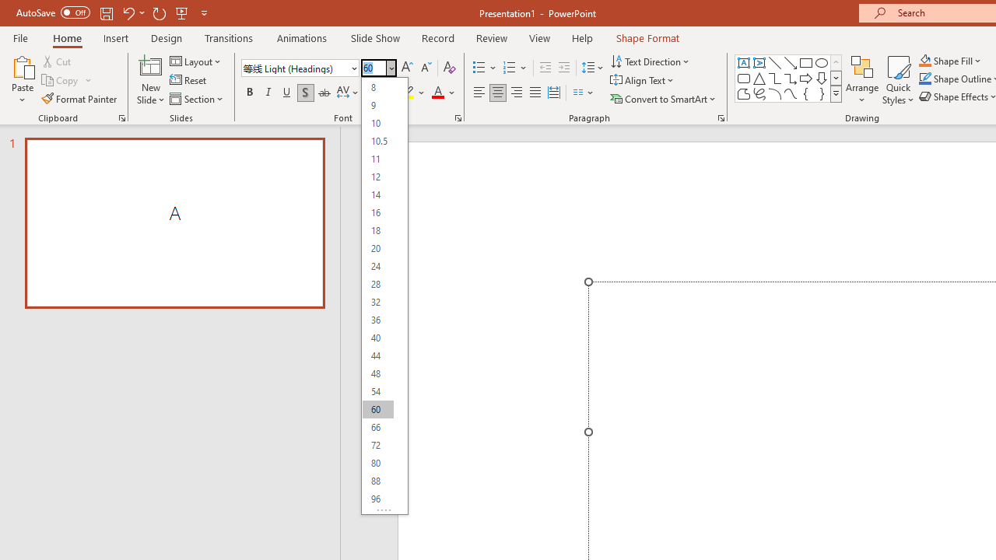  Describe the element at coordinates (377, 194) in the screenshot. I see `'14'` at that location.